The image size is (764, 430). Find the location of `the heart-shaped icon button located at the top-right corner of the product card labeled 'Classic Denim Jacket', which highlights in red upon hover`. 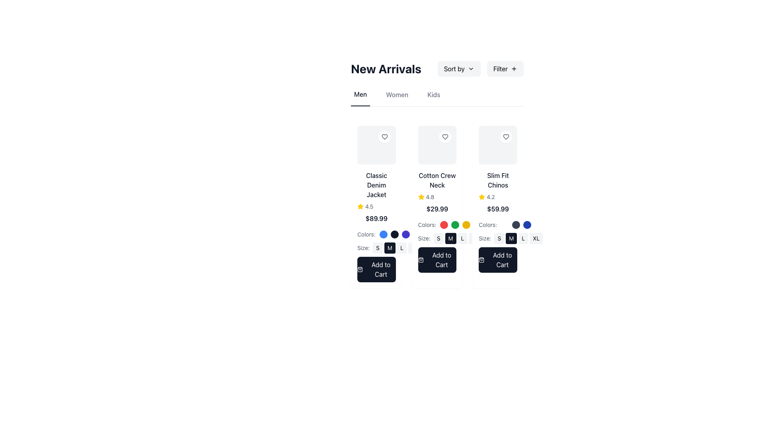

the heart-shaped icon button located at the top-right corner of the product card labeled 'Classic Denim Jacket', which highlights in red upon hover is located at coordinates (384, 136).